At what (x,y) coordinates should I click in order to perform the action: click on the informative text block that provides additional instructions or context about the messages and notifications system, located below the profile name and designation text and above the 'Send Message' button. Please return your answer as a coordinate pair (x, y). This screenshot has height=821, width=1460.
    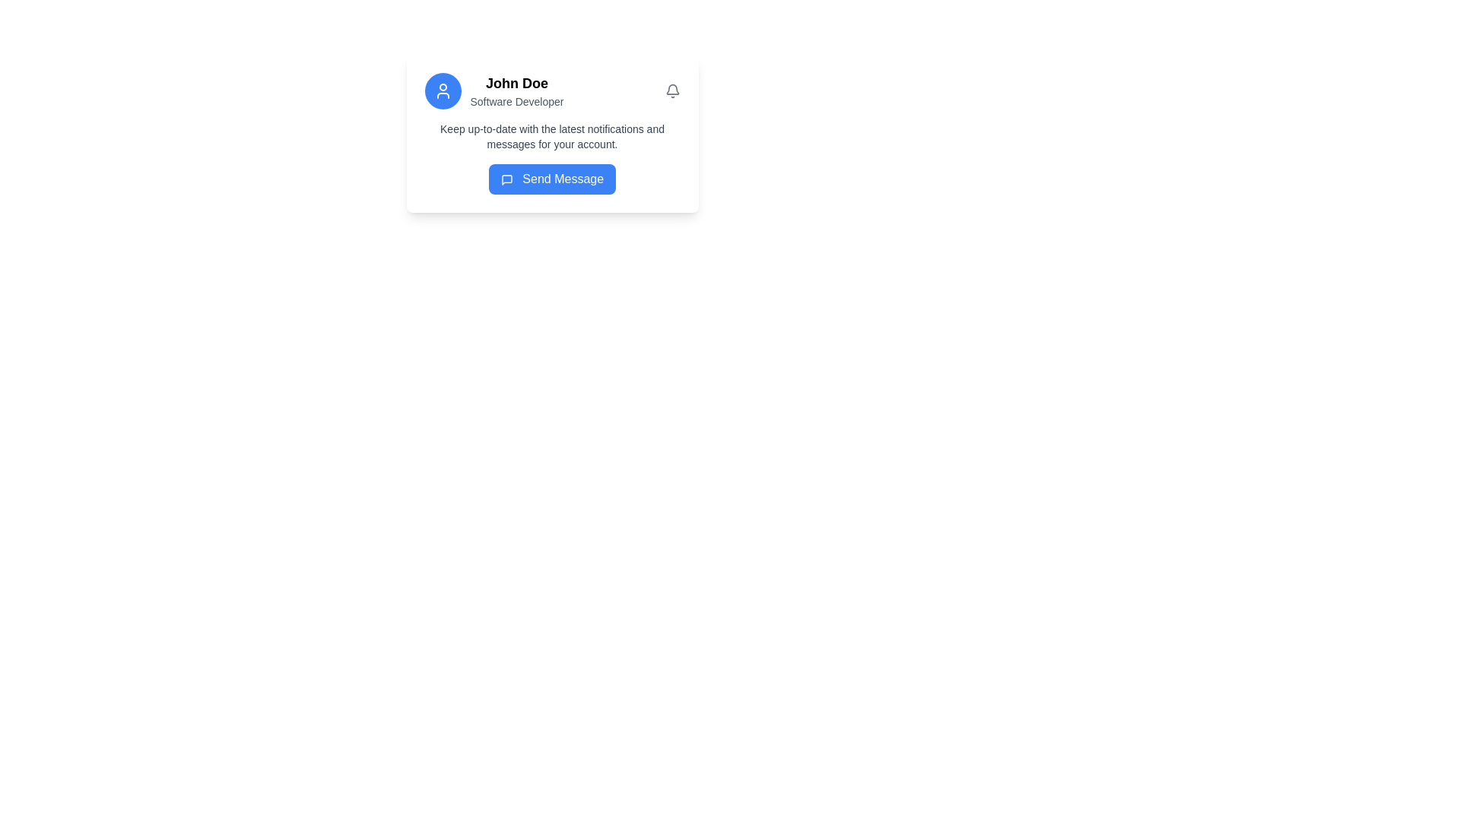
    Looking at the image, I should click on (551, 137).